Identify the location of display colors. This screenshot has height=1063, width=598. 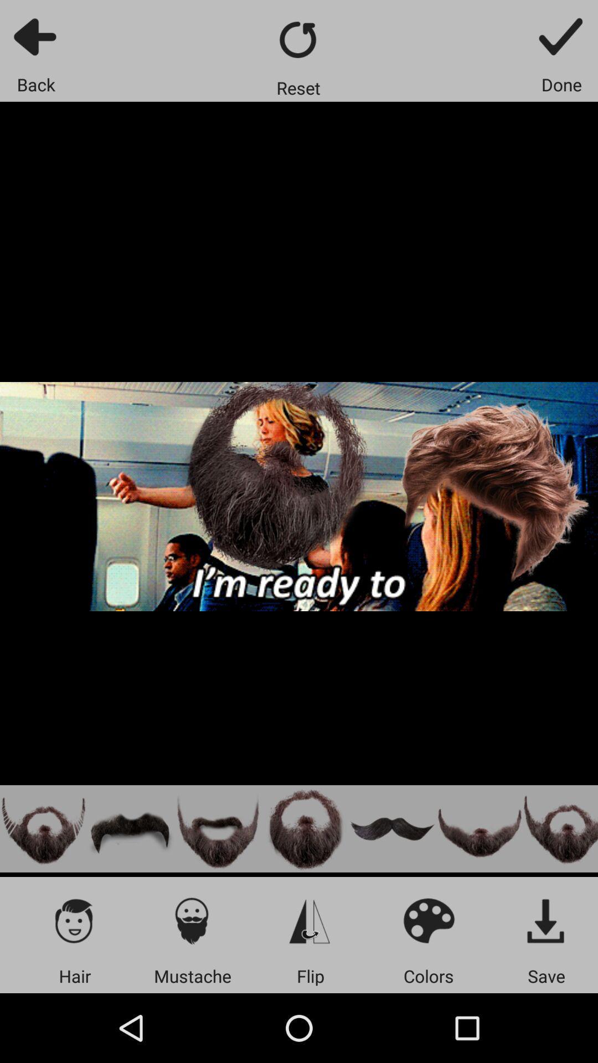
(428, 920).